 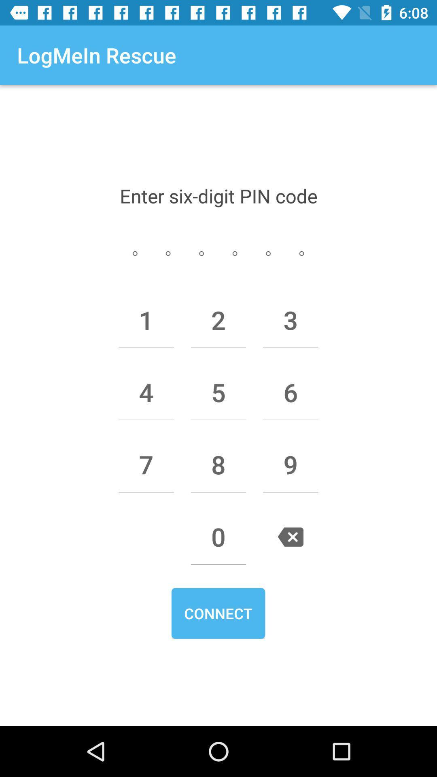 I want to click on the icon to the left of the 5 icon, so click(x=146, y=392).